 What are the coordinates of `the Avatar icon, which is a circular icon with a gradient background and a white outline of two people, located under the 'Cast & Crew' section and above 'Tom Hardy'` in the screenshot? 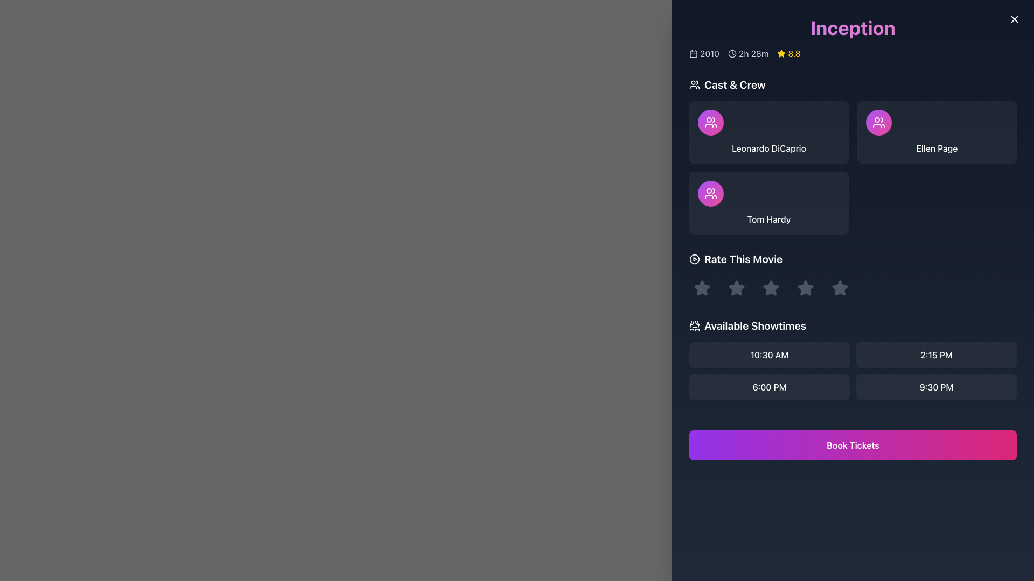 It's located at (711, 193).